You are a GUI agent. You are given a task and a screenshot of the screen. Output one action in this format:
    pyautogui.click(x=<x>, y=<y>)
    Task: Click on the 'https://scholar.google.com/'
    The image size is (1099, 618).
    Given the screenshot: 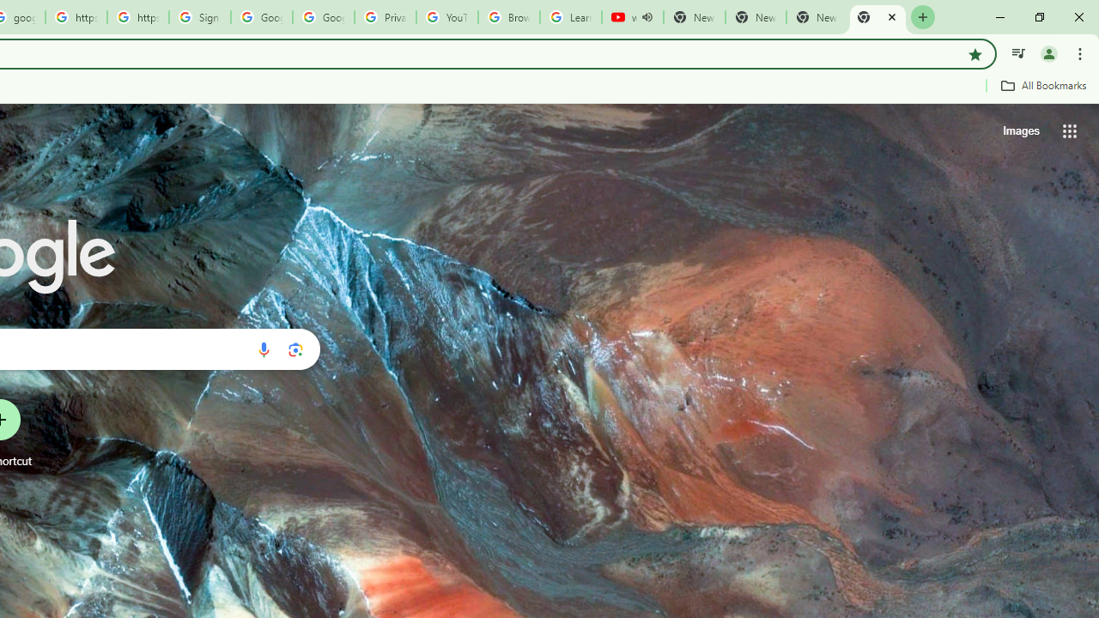 What is the action you would take?
    pyautogui.click(x=138, y=17)
    